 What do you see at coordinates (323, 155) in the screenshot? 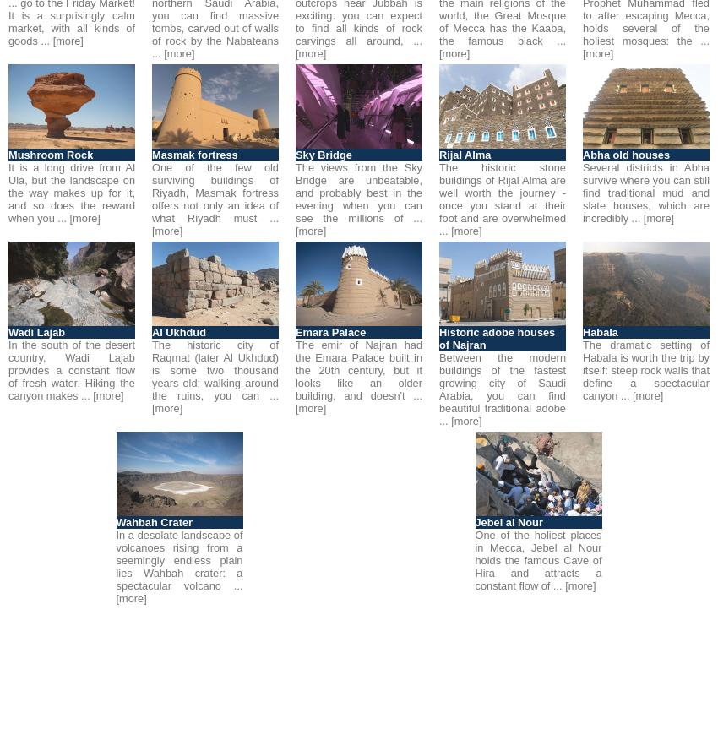
I see `'Sky Bridge'` at bounding box center [323, 155].